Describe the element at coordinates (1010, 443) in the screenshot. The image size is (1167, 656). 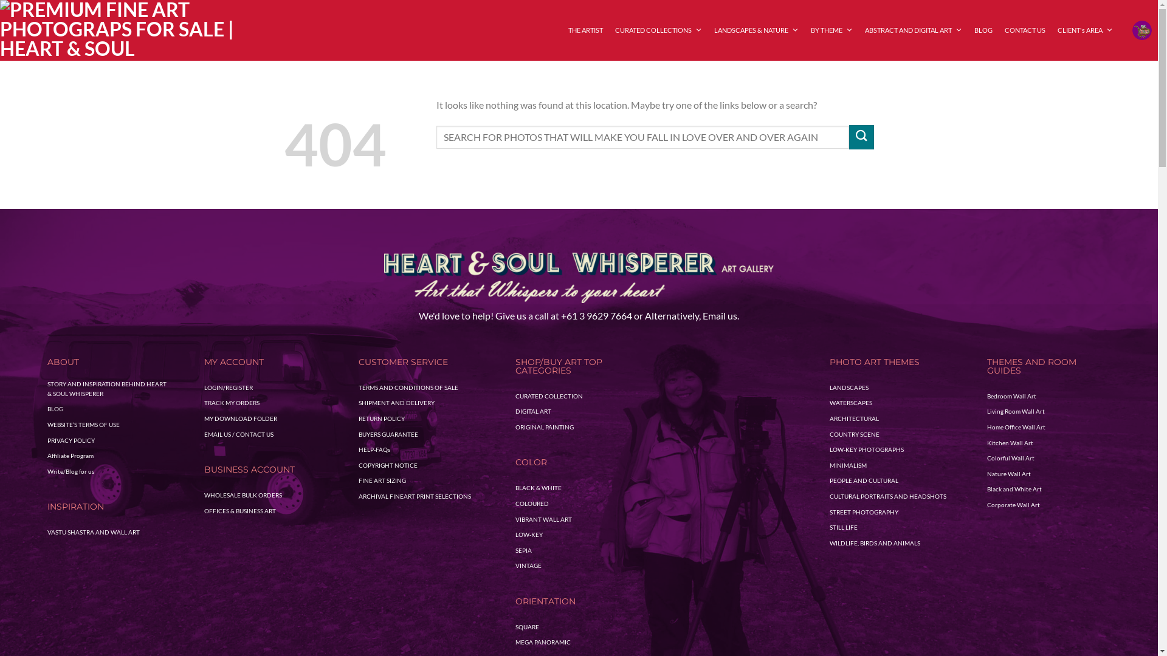
I see `'Kitchen Wall Art'` at that location.